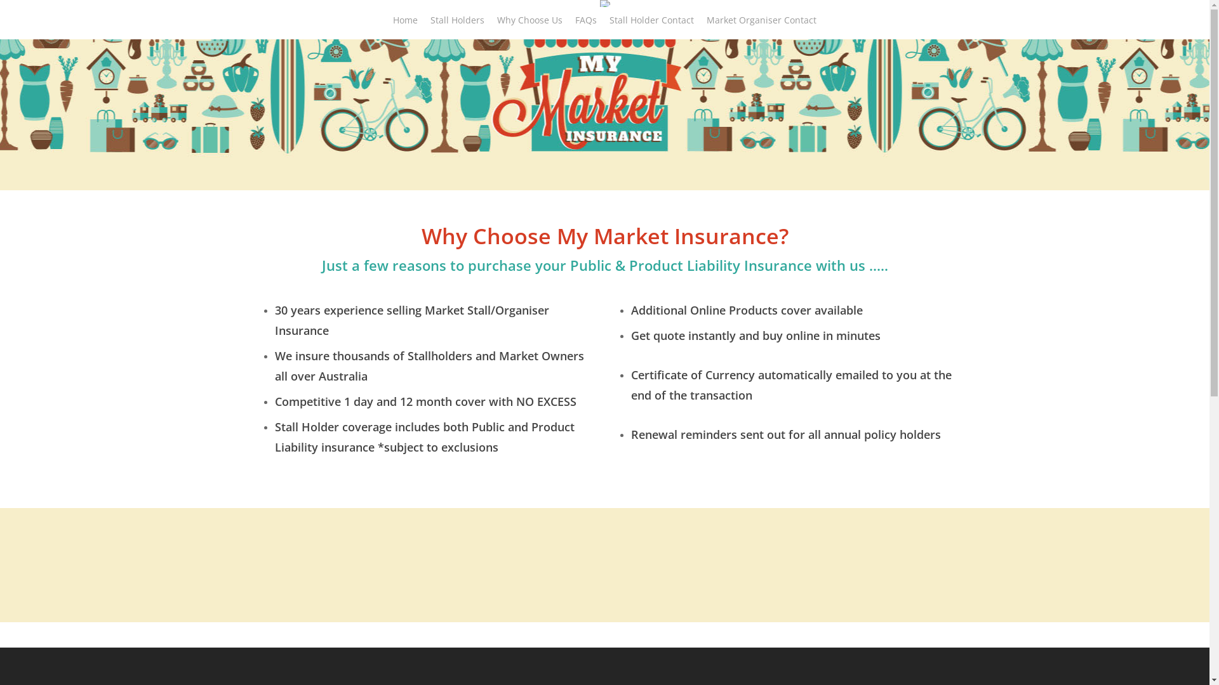 This screenshot has width=1219, height=685. What do you see at coordinates (404, 27) in the screenshot?
I see `'Home'` at bounding box center [404, 27].